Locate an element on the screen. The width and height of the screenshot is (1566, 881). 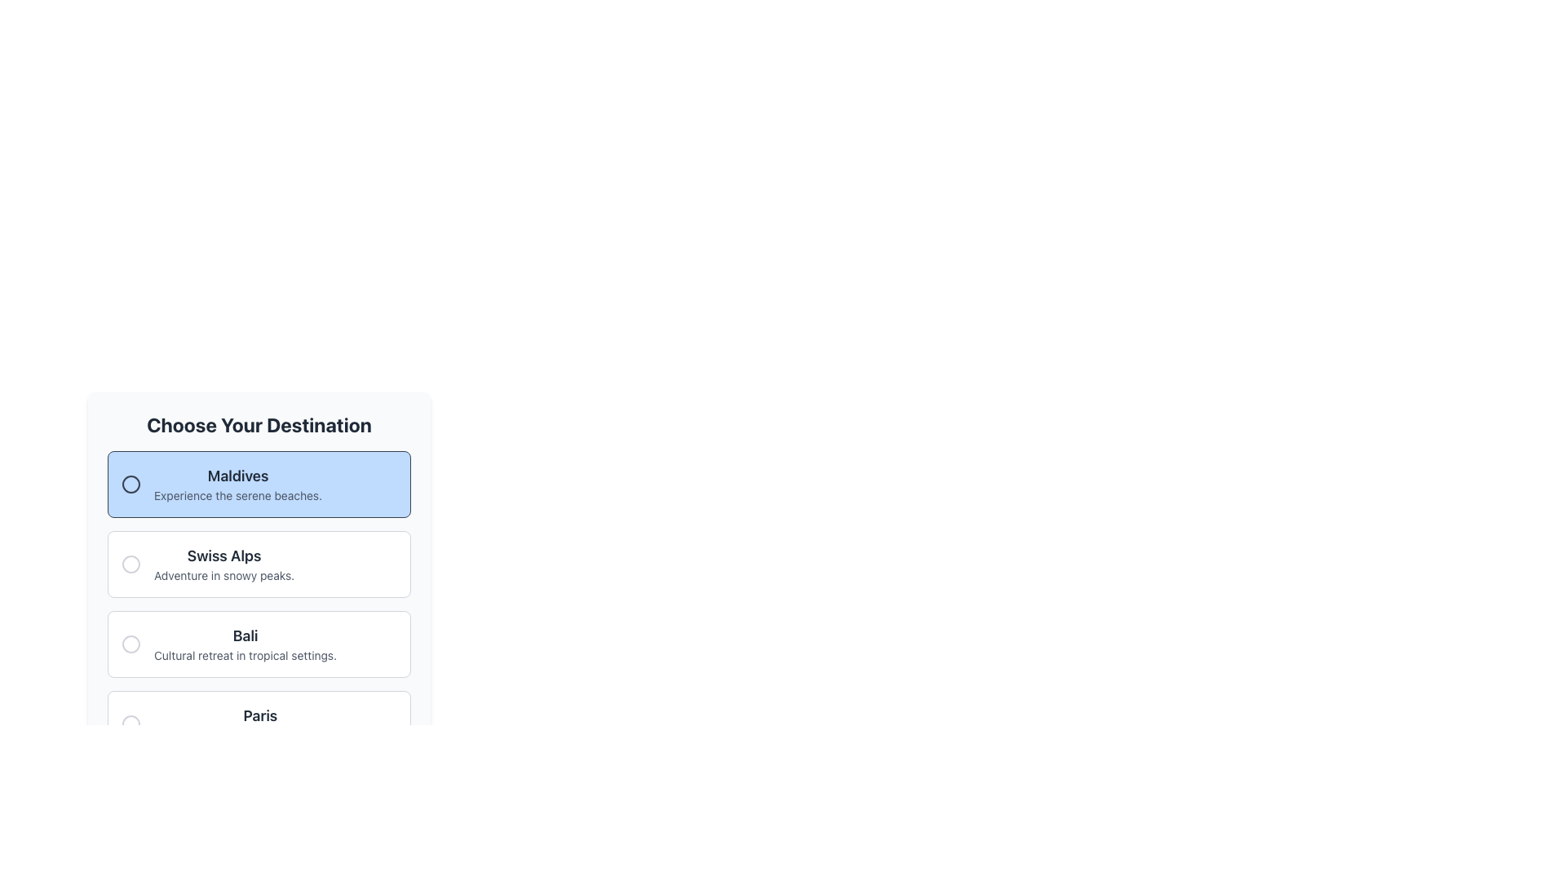
the decorative icon associated with the 'Maldives' button is located at coordinates (131, 484).